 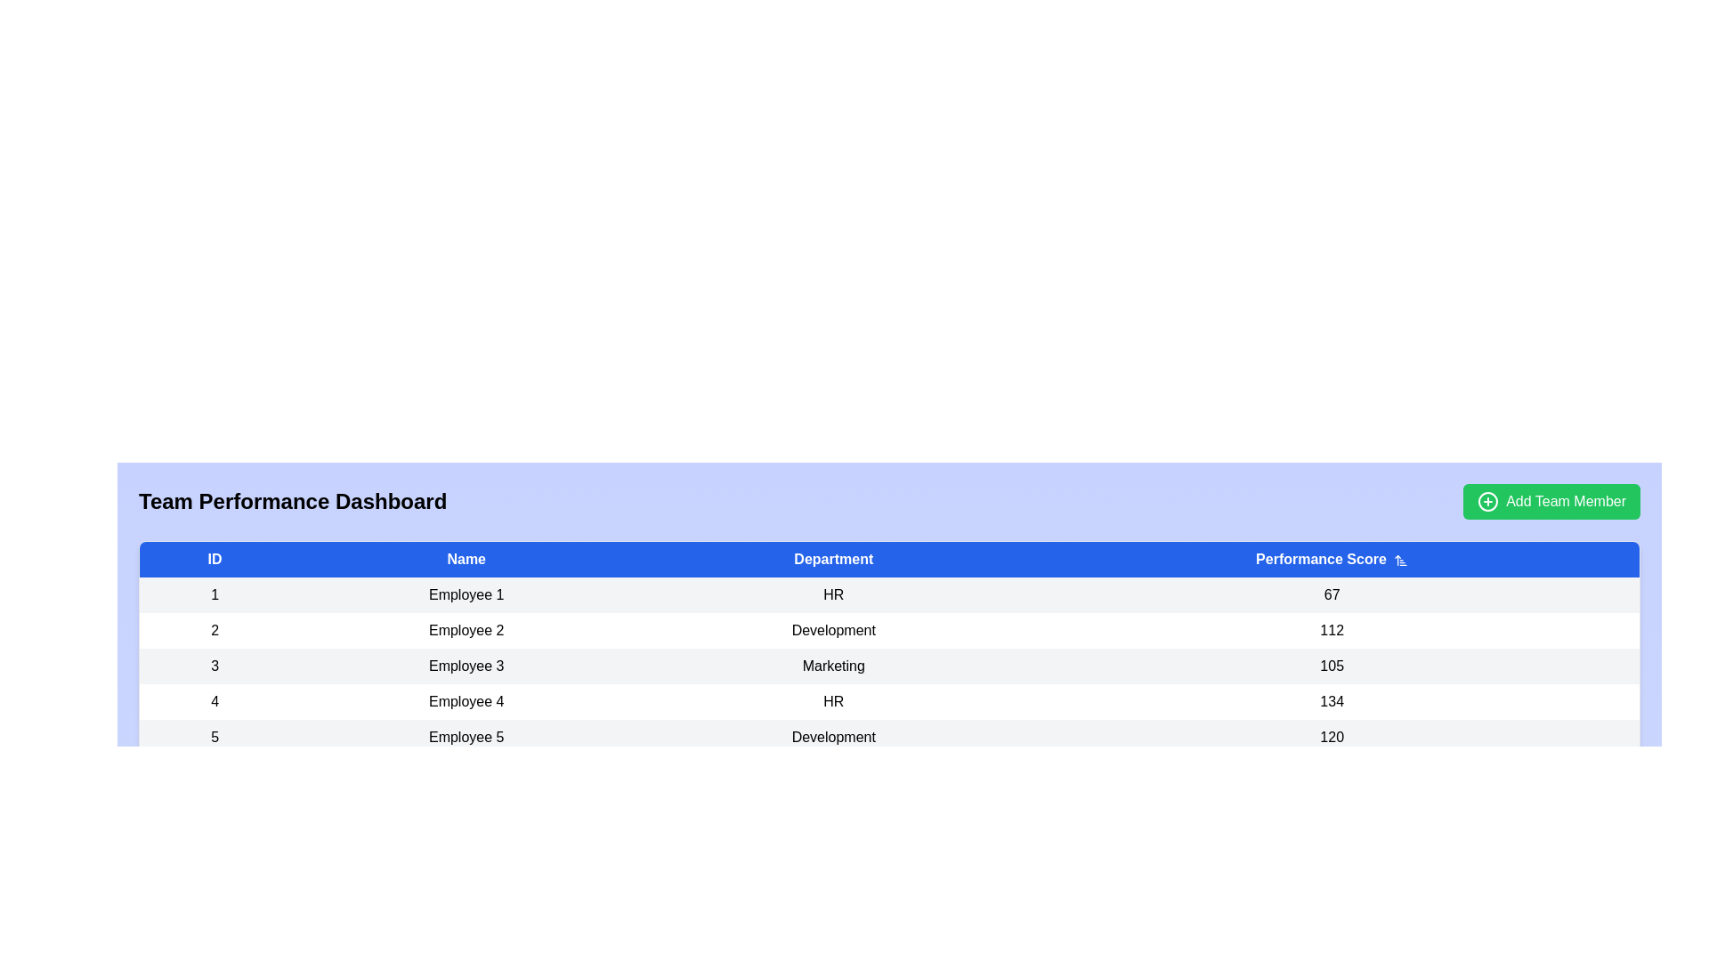 I want to click on the header text 'Team Performance Dashboard' to focus on it, so click(x=293, y=501).